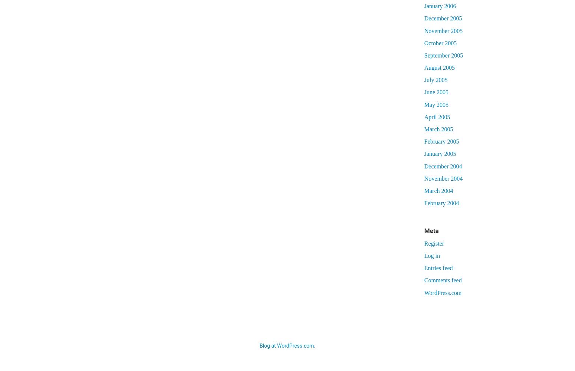  I want to click on 'October 2005', so click(440, 42).